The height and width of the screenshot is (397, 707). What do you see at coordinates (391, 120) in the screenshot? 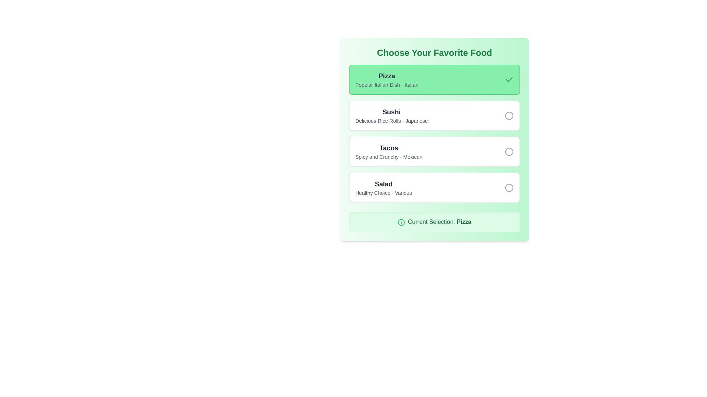
I see `descriptive subtitle text label located below the 'Sushi' option in the food selection interface` at bounding box center [391, 120].